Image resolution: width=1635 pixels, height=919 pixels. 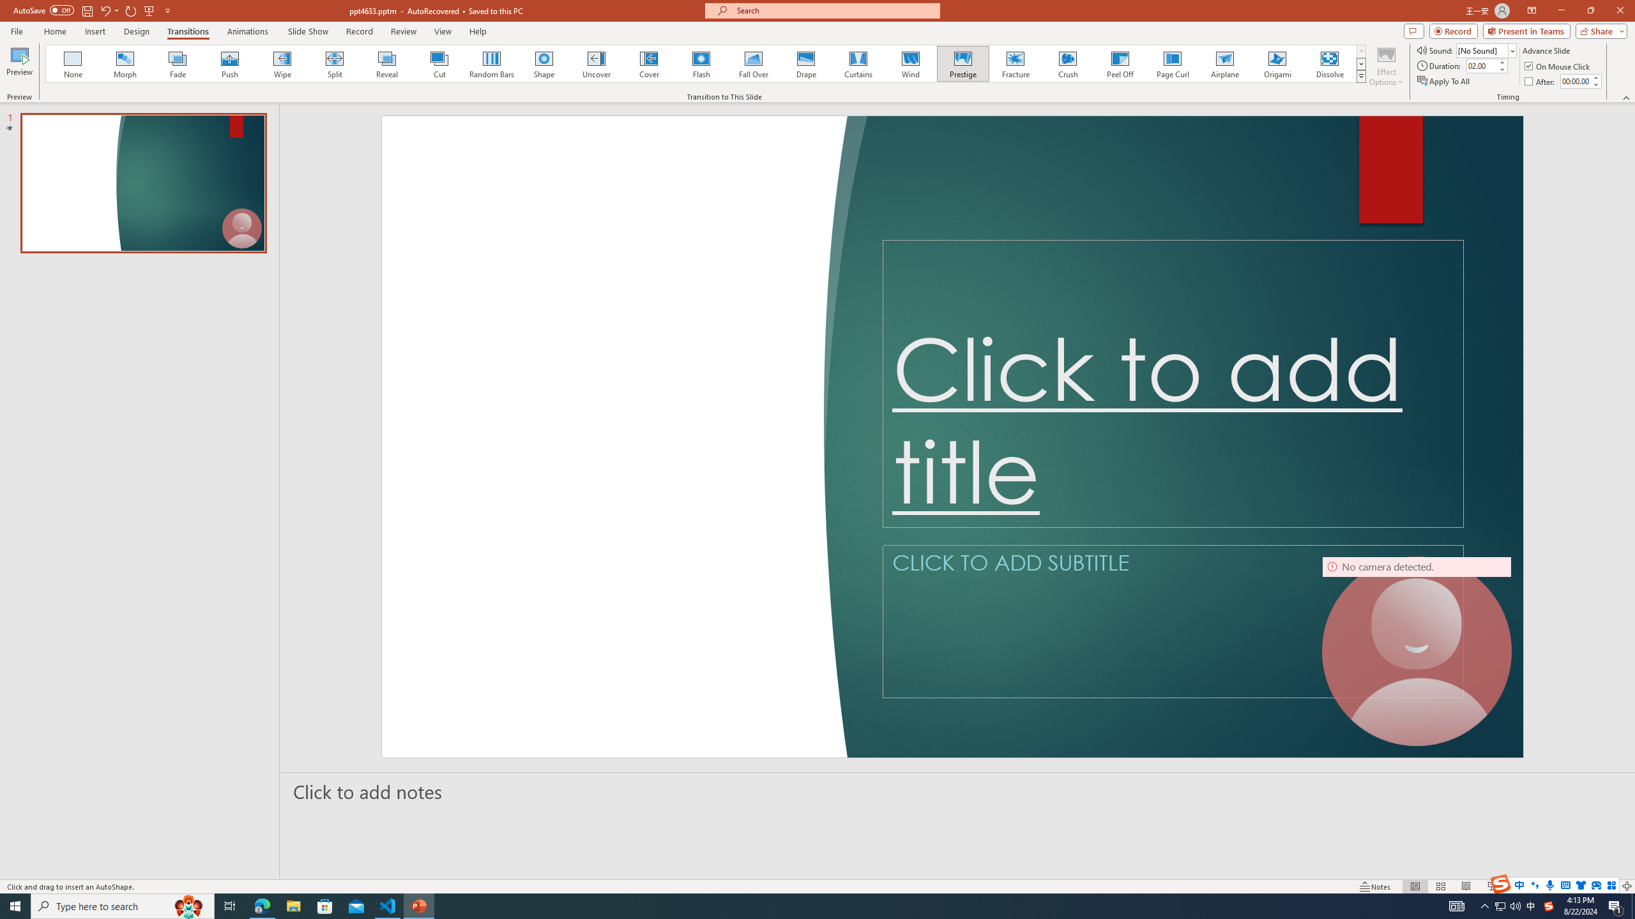 I want to click on 'Fade', so click(x=178, y=63).